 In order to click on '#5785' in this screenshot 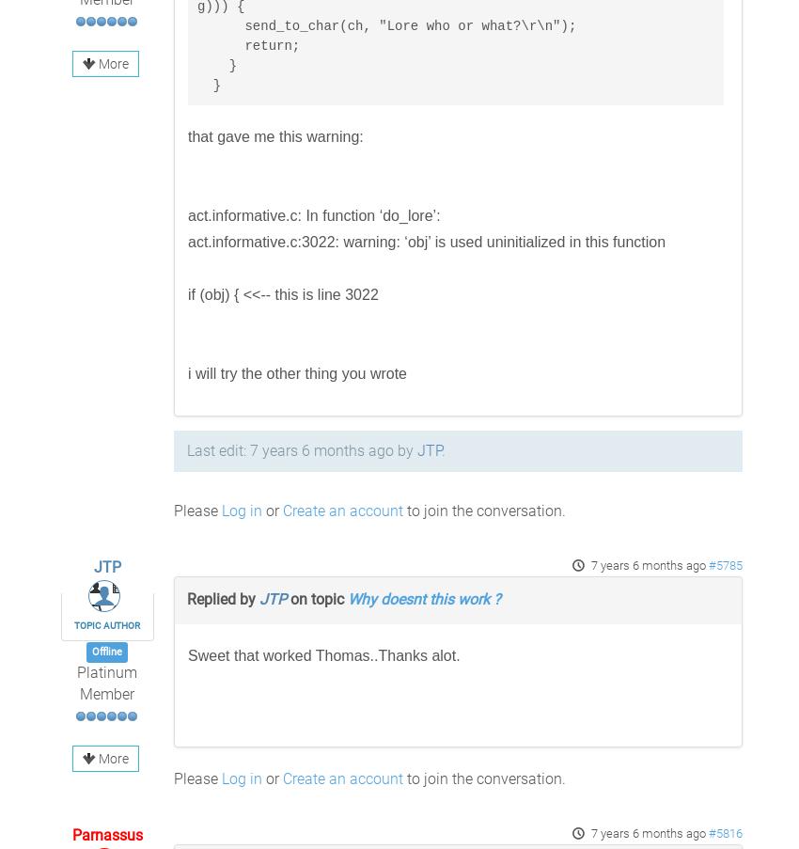, I will do `click(724, 565)`.